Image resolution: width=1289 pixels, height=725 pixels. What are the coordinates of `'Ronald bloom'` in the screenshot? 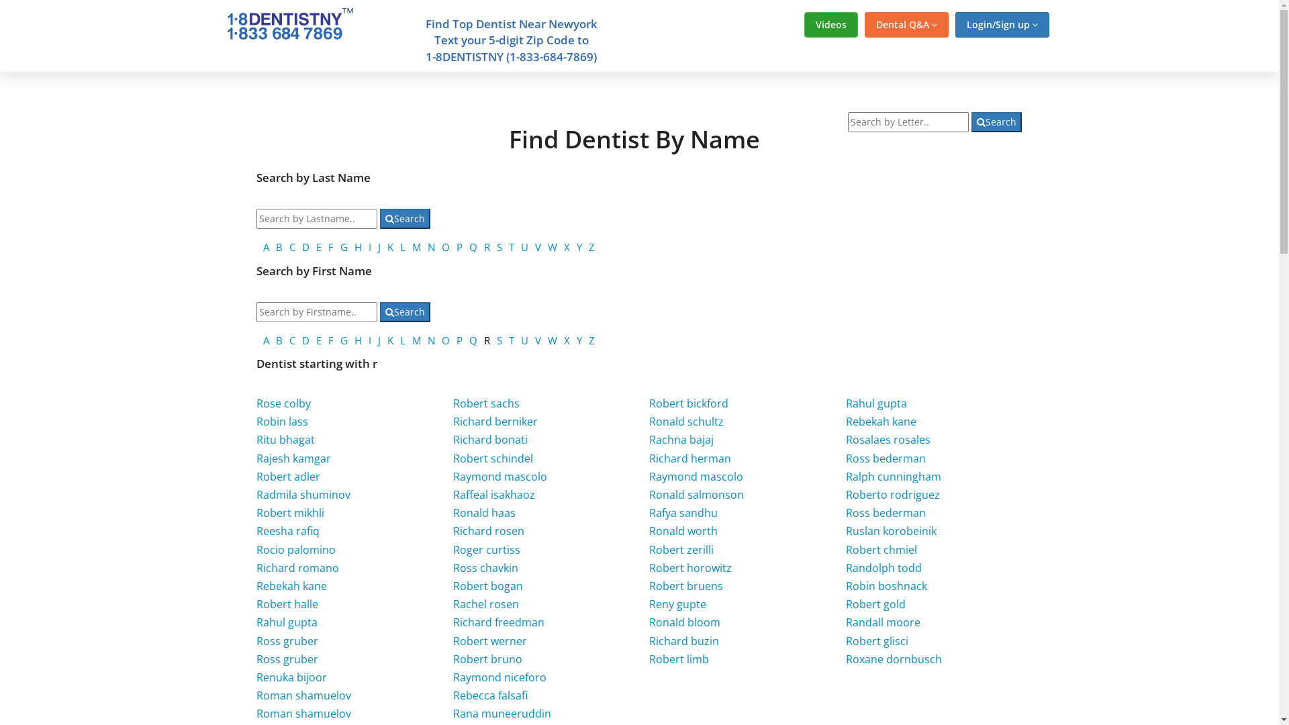 It's located at (684, 622).